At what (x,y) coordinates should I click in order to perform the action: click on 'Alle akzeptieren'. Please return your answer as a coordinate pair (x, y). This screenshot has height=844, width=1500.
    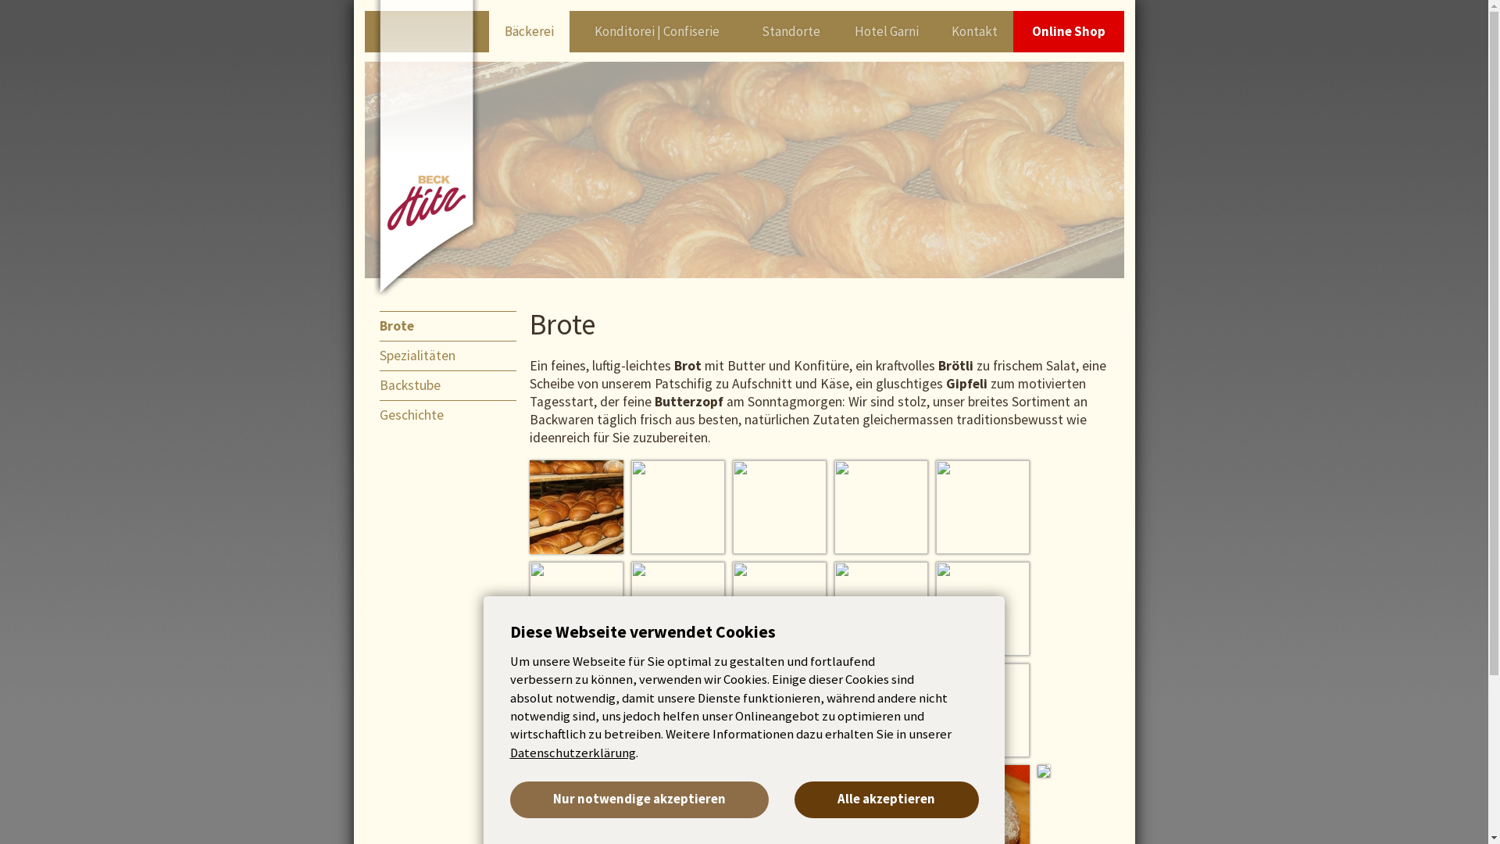
    Looking at the image, I should click on (886, 799).